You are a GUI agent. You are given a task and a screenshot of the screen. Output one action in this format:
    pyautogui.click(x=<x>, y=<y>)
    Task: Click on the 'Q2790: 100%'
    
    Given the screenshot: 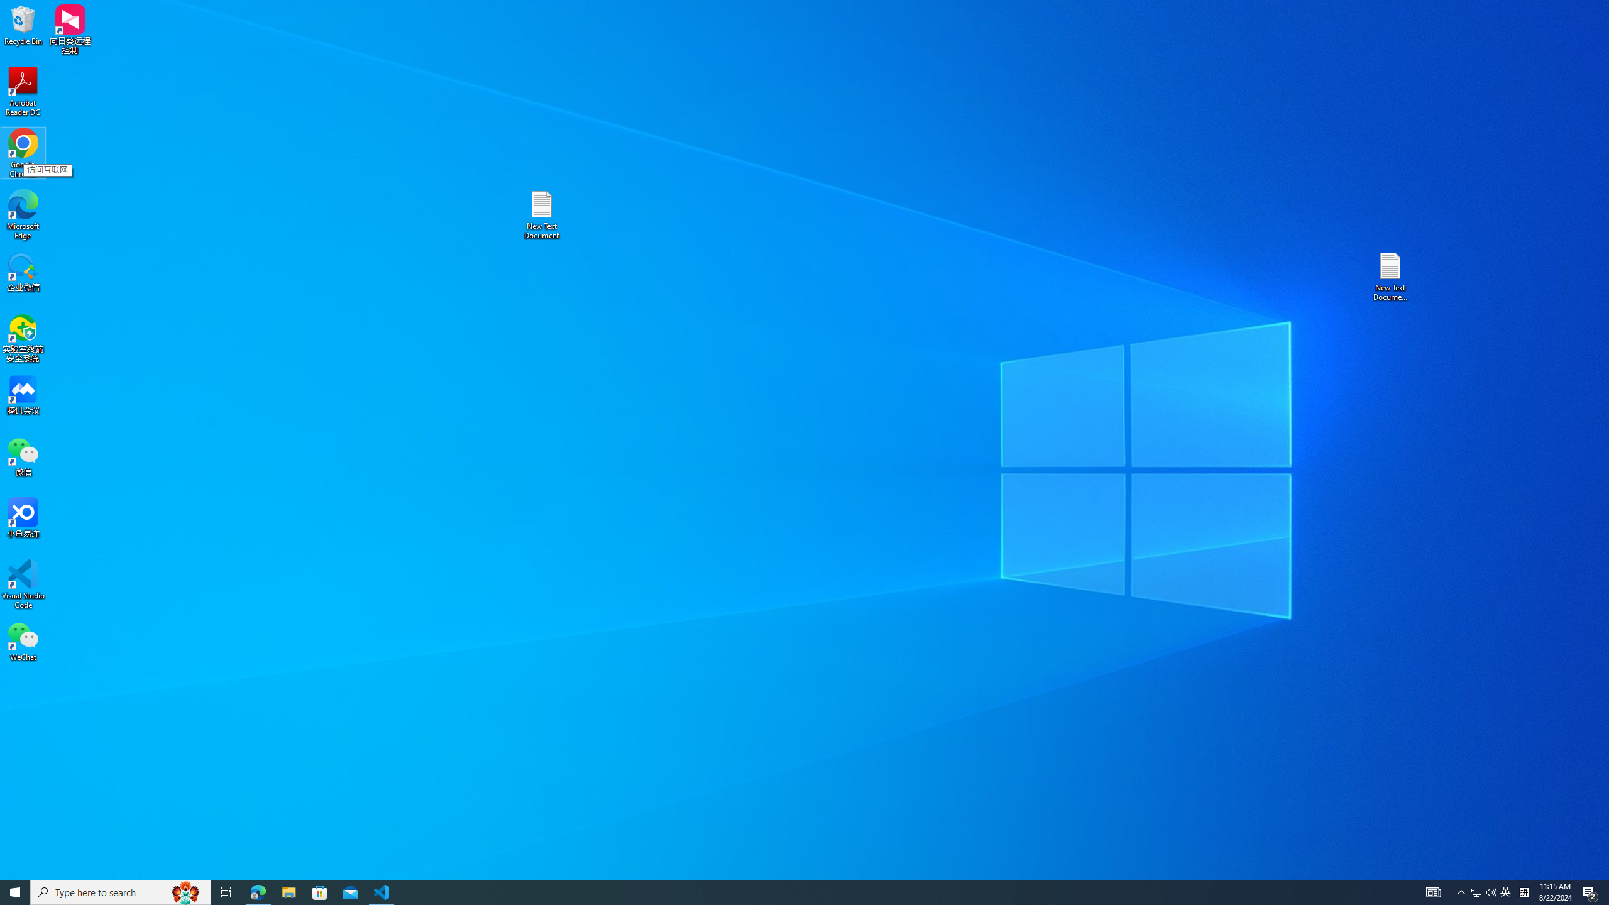 What is the action you would take?
    pyautogui.click(x=1491, y=891)
    